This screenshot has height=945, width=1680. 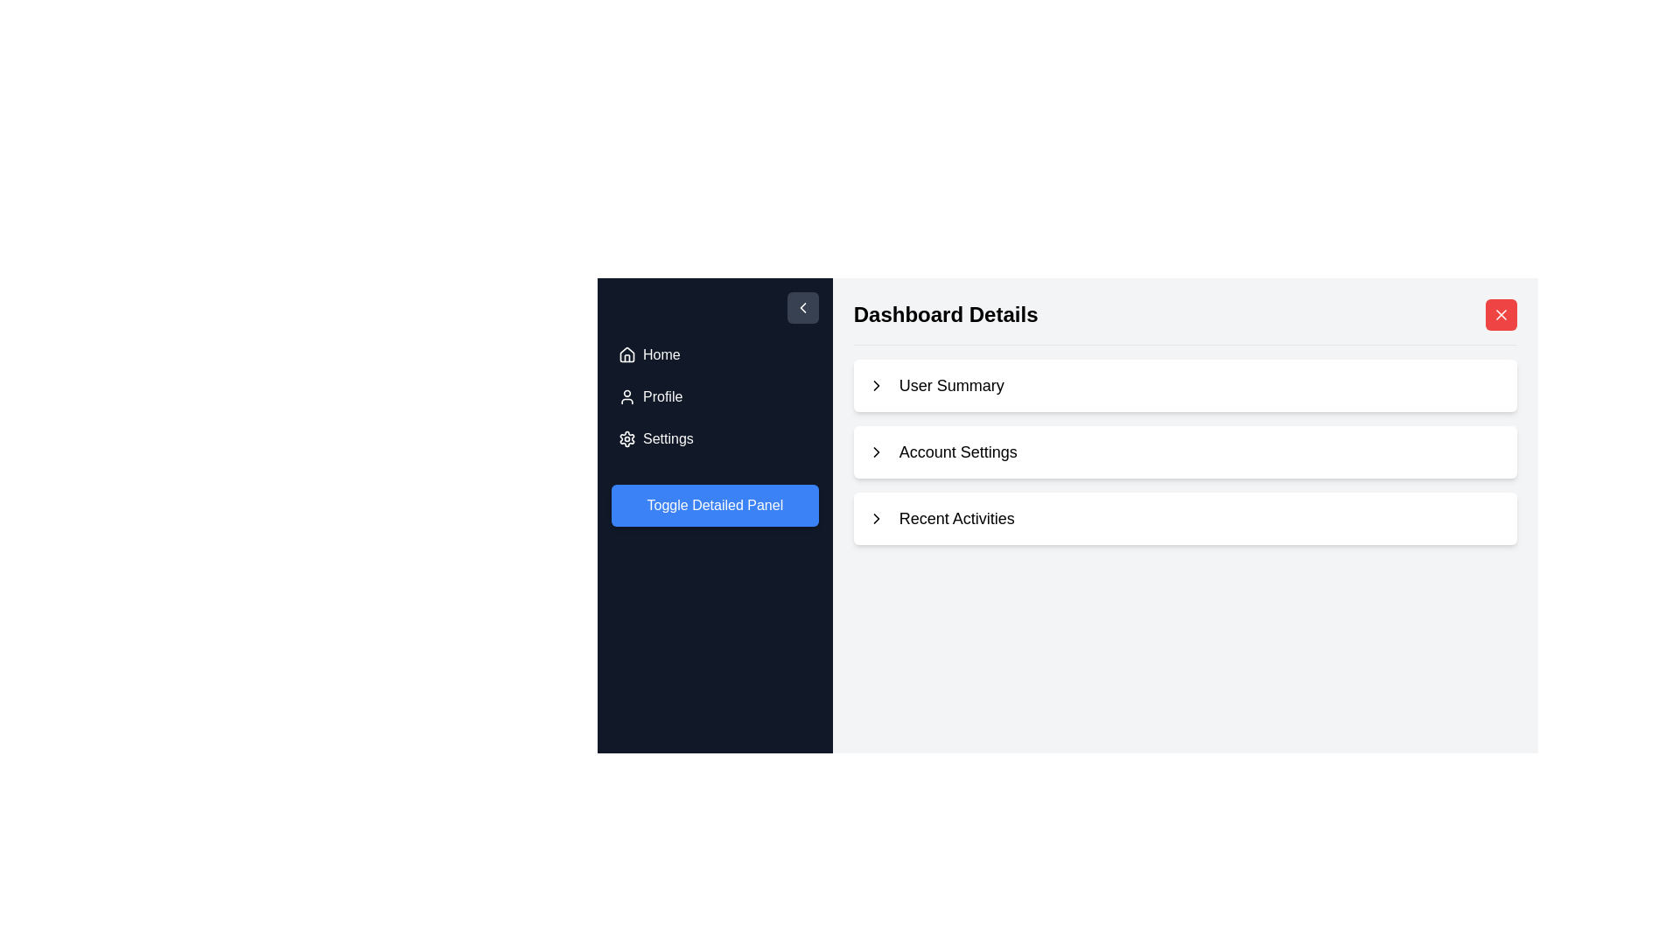 What do you see at coordinates (715, 397) in the screenshot?
I see `the navigation button for profile information, which is the second button in the vertical list of the left-side navigation panel, located below 'Home' and above 'Settings'` at bounding box center [715, 397].